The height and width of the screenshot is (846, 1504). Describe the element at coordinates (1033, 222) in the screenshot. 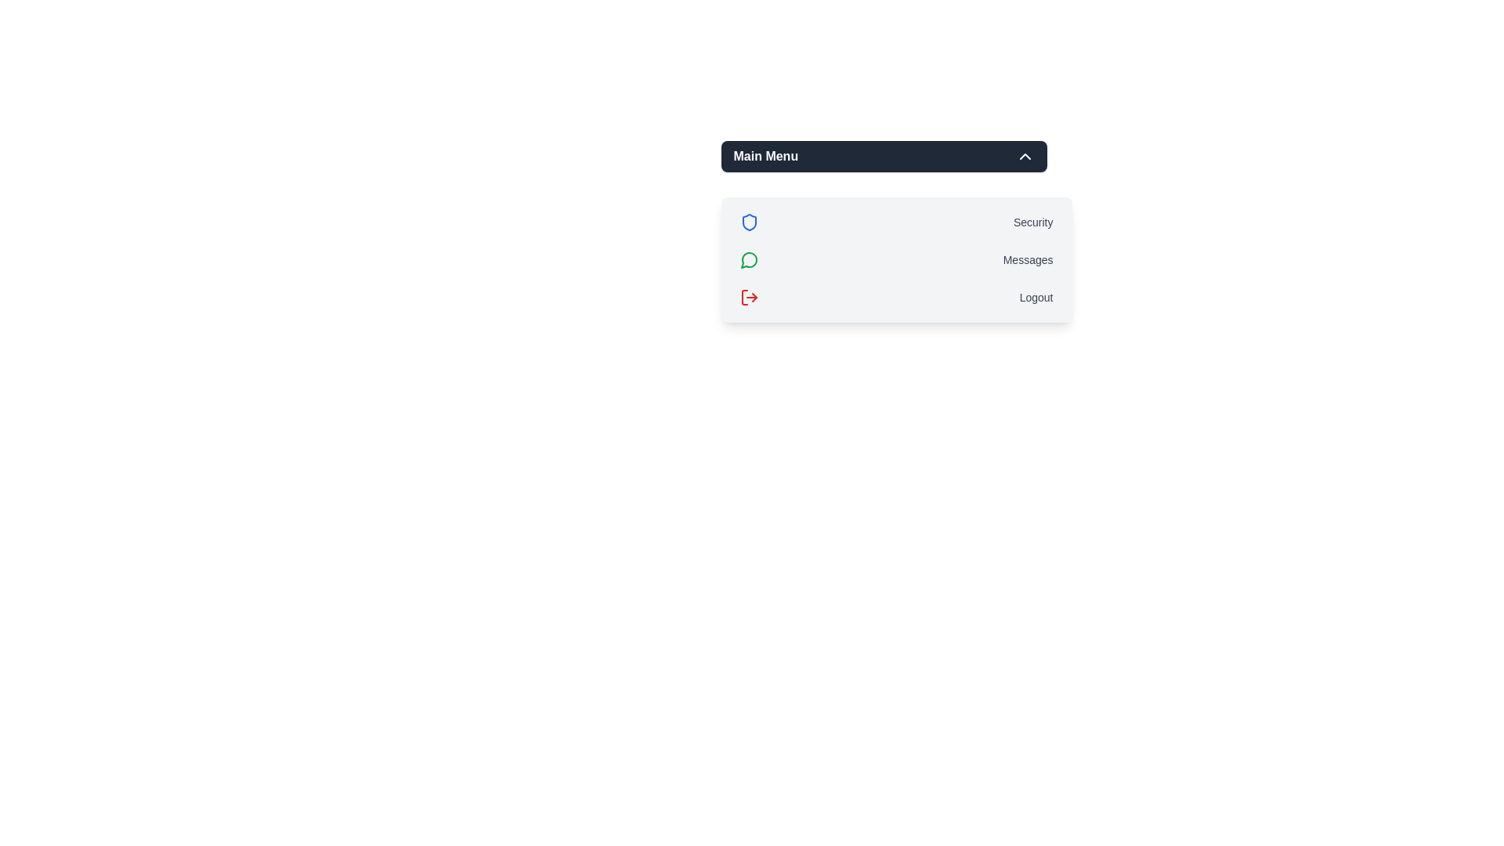

I see `text from the 'Security' label located in the top-right corner of the dropdown menu under the 'Main Menu' header` at that location.